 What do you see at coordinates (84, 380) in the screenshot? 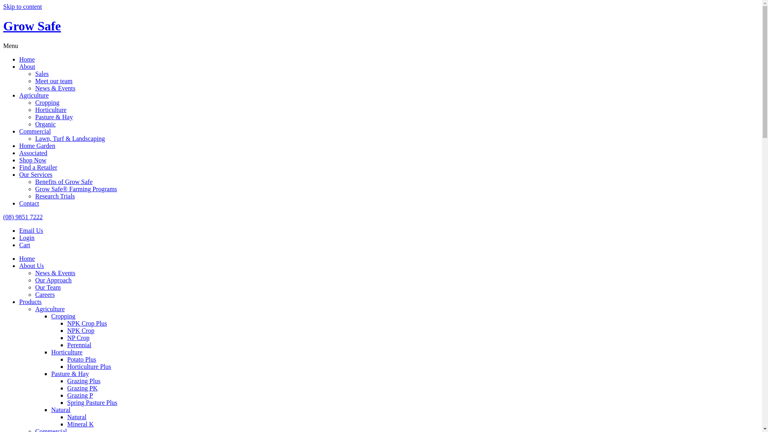
I see `'Grazing Plus'` at bounding box center [84, 380].